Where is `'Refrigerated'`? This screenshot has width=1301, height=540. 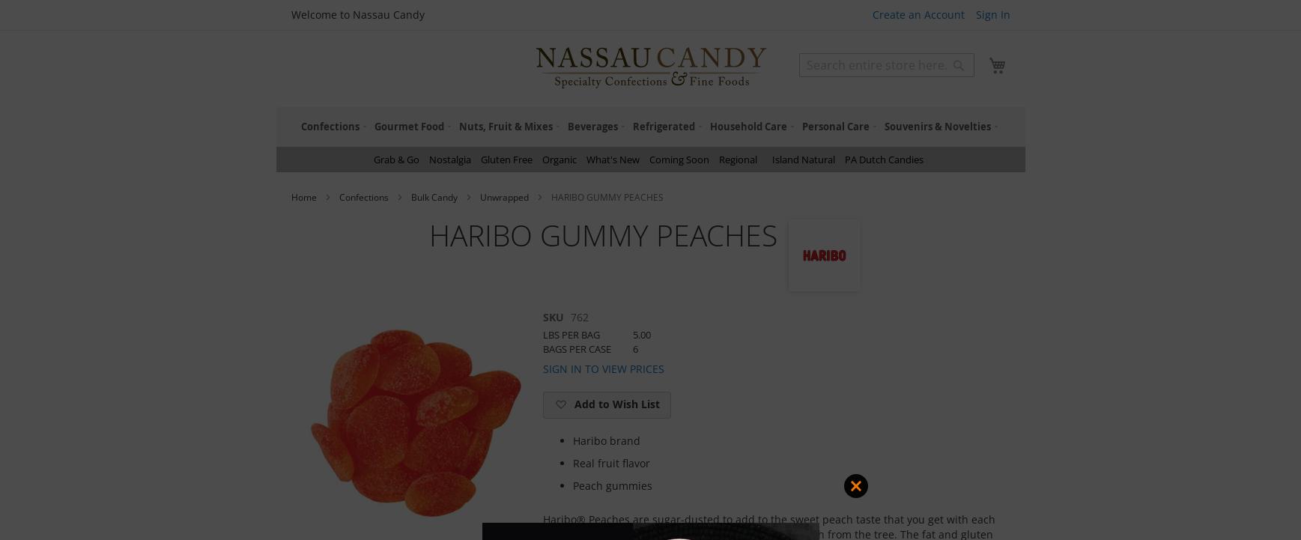 'Refrigerated' is located at coordinates (664, 126).